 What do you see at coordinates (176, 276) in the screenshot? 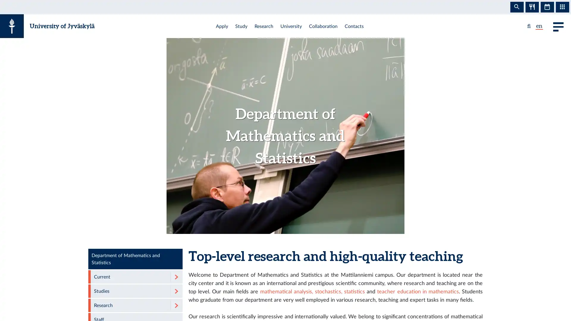
I see `Expand` at bounding box center [176, 276].